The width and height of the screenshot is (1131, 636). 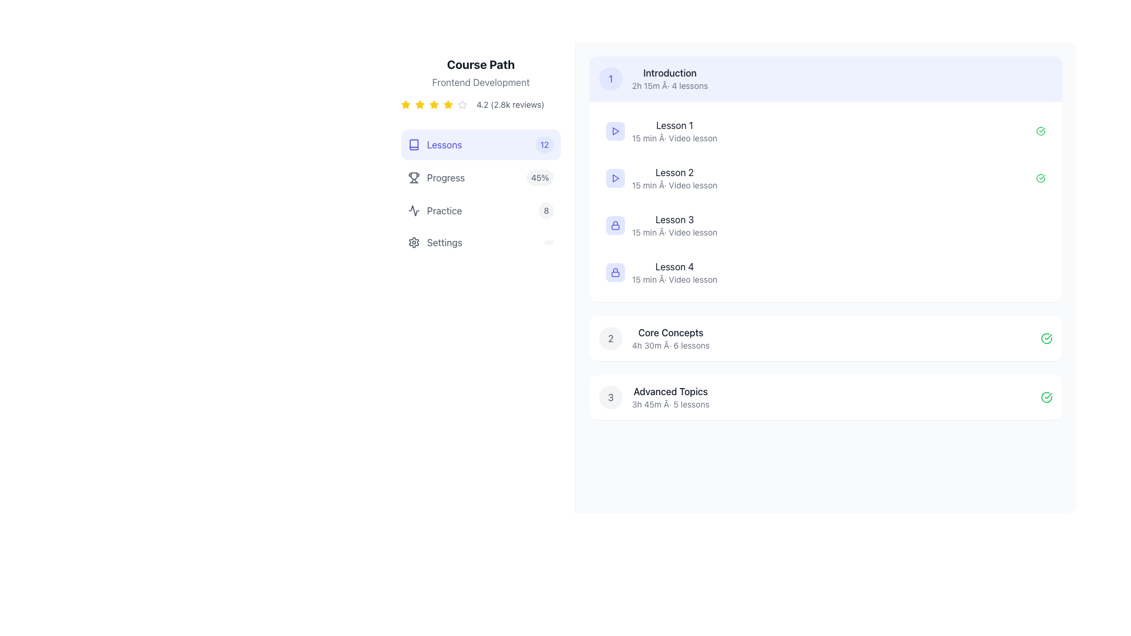 I want to click on description of the list item labeled 'Lesson 4', which includes the text '15 min · Video lesson' and a purple lock icon, so click(x=662, y=272).